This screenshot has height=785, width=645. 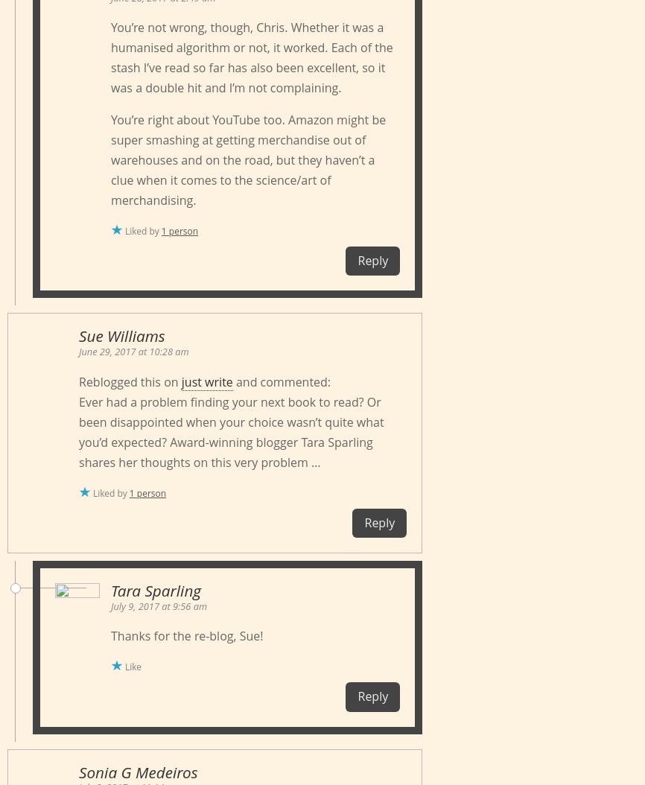 What do you see at coordinates (130, 381) in the screenshot?
I see `'Reblogged this on'` at bounding box center [130, 381].